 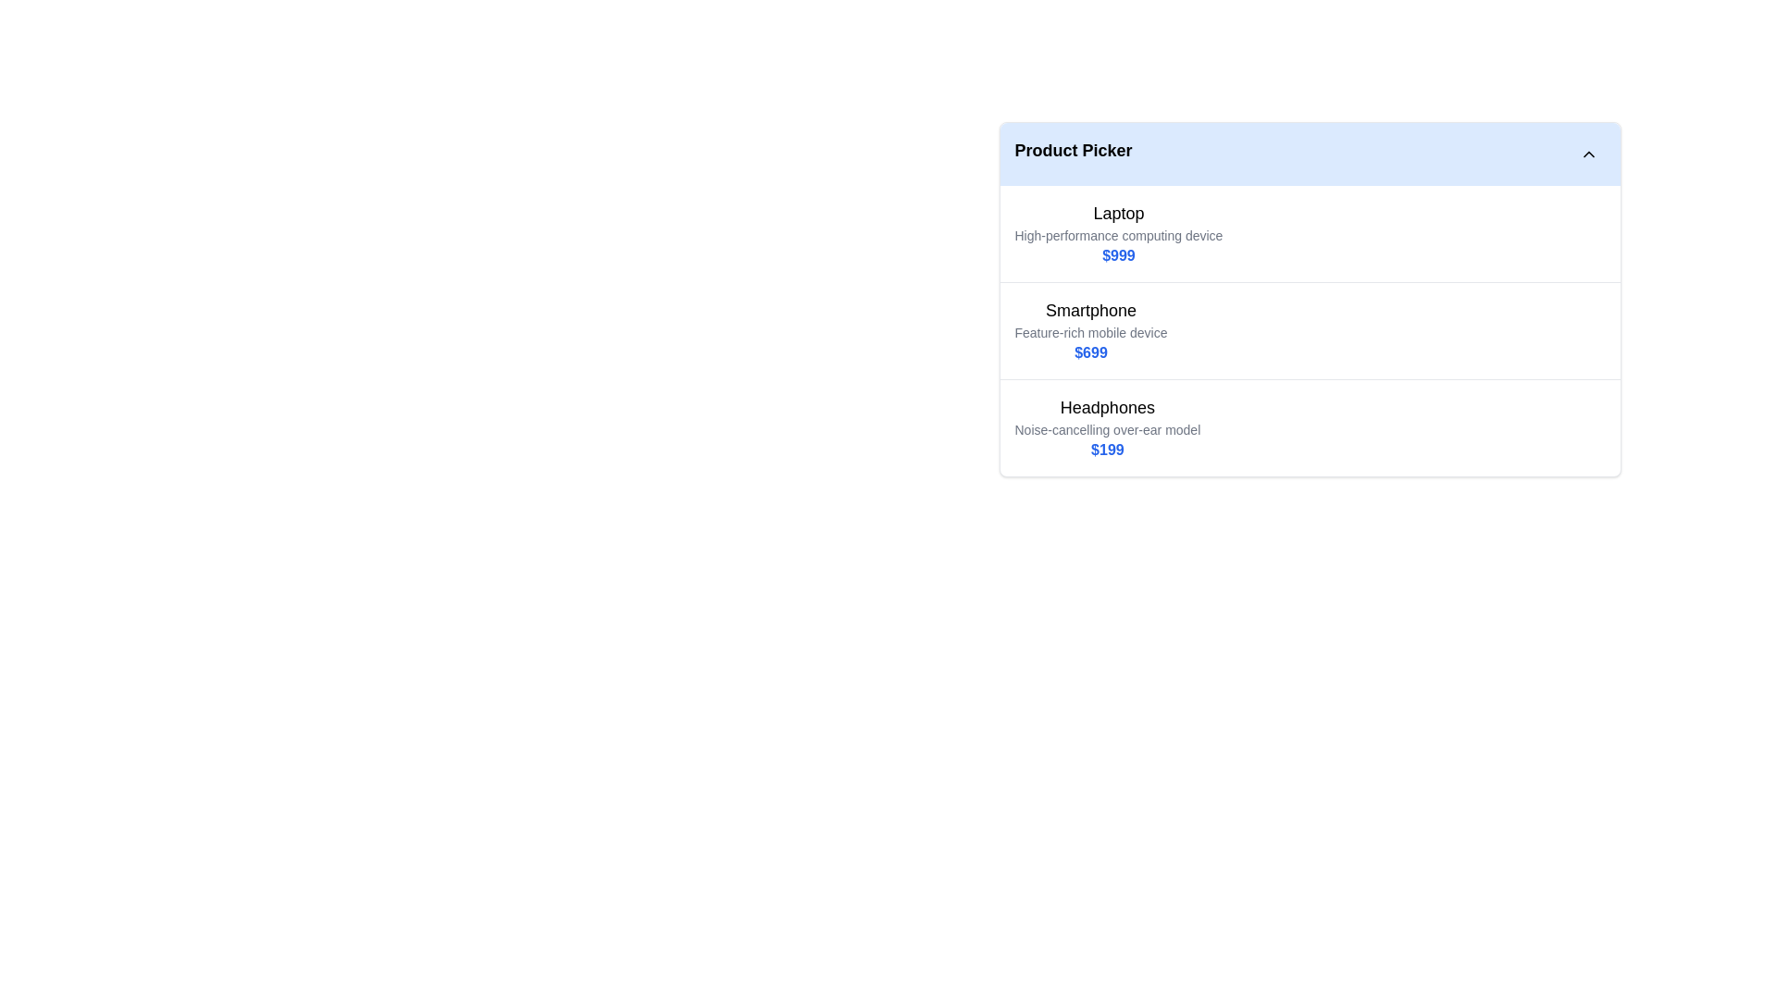 What do you see at coordinates (1309, 299) in the screenshot?
I see `product descriptions and prices from the product selection panel located centrally within the application interface` at bounding box center [1309, 299].